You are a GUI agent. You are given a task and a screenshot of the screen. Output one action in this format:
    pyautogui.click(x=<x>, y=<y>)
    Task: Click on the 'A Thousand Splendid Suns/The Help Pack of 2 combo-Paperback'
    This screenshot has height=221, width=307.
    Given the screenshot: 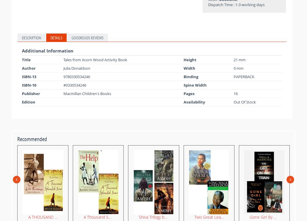 What is the action you would take?
    pyautogui.click(x=142, y=217)
    